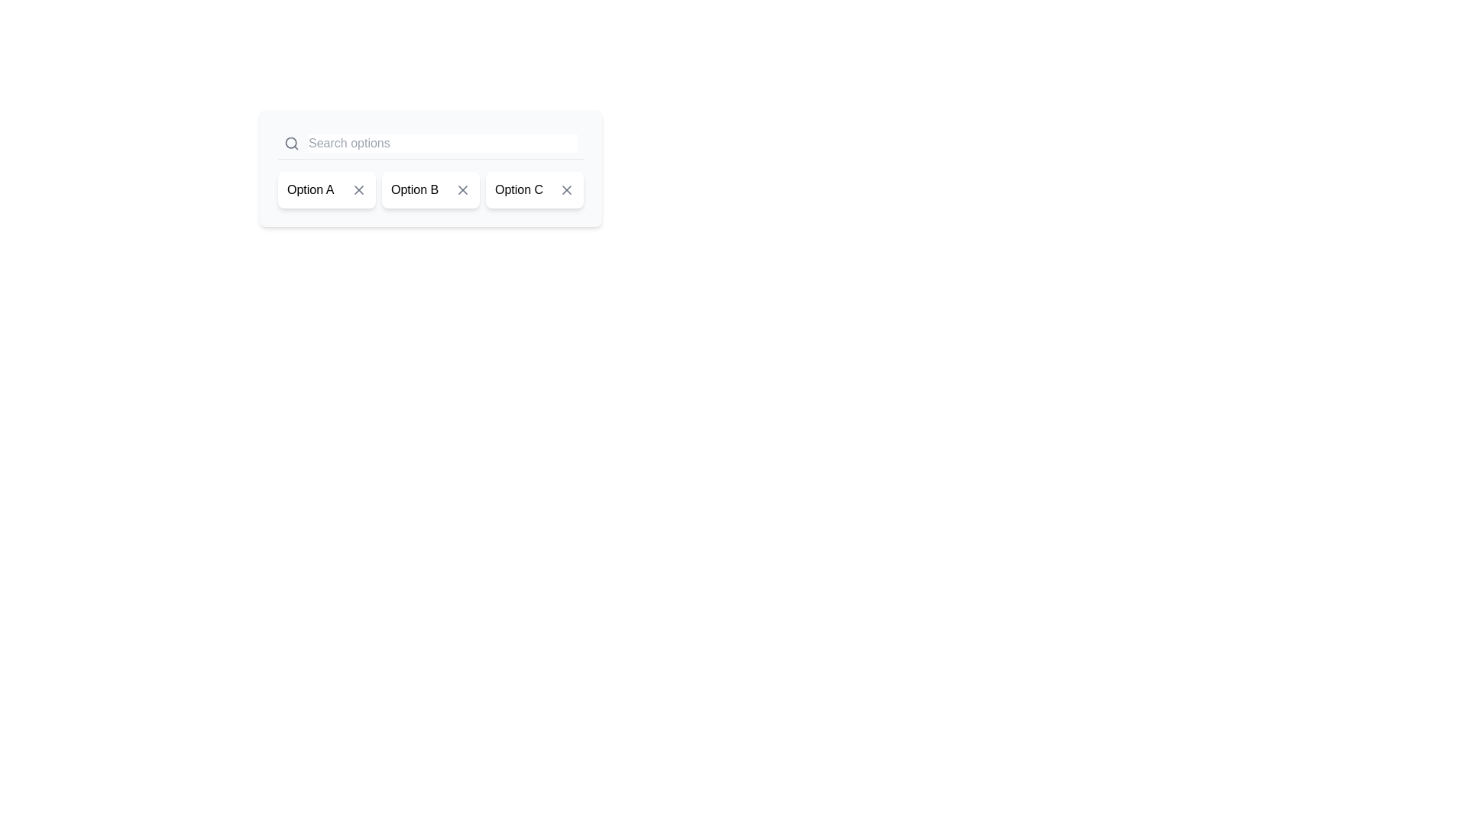 Image resolution: width=1467 pixels, height=825 pixels. What do you see at coordinates (325, 189) in the screenshot?
I see `the chip labeled Option A` at bounding box center [325, 189].